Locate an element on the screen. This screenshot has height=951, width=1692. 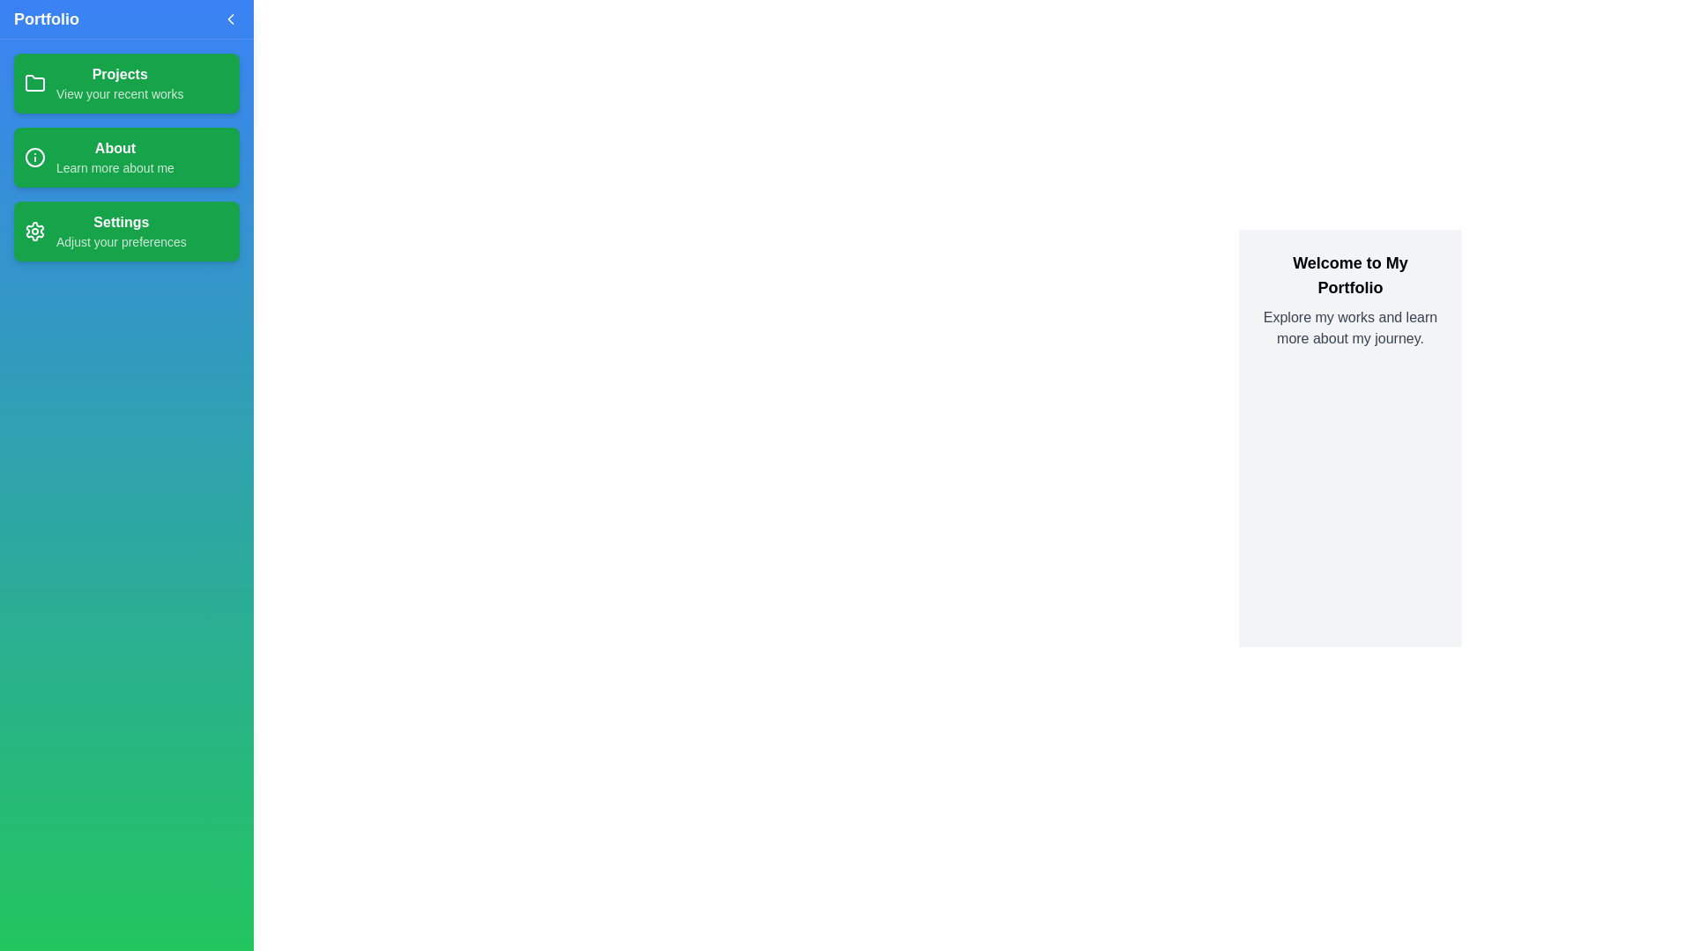
the section Settings in the drawer is located at coordinates (126, 230).